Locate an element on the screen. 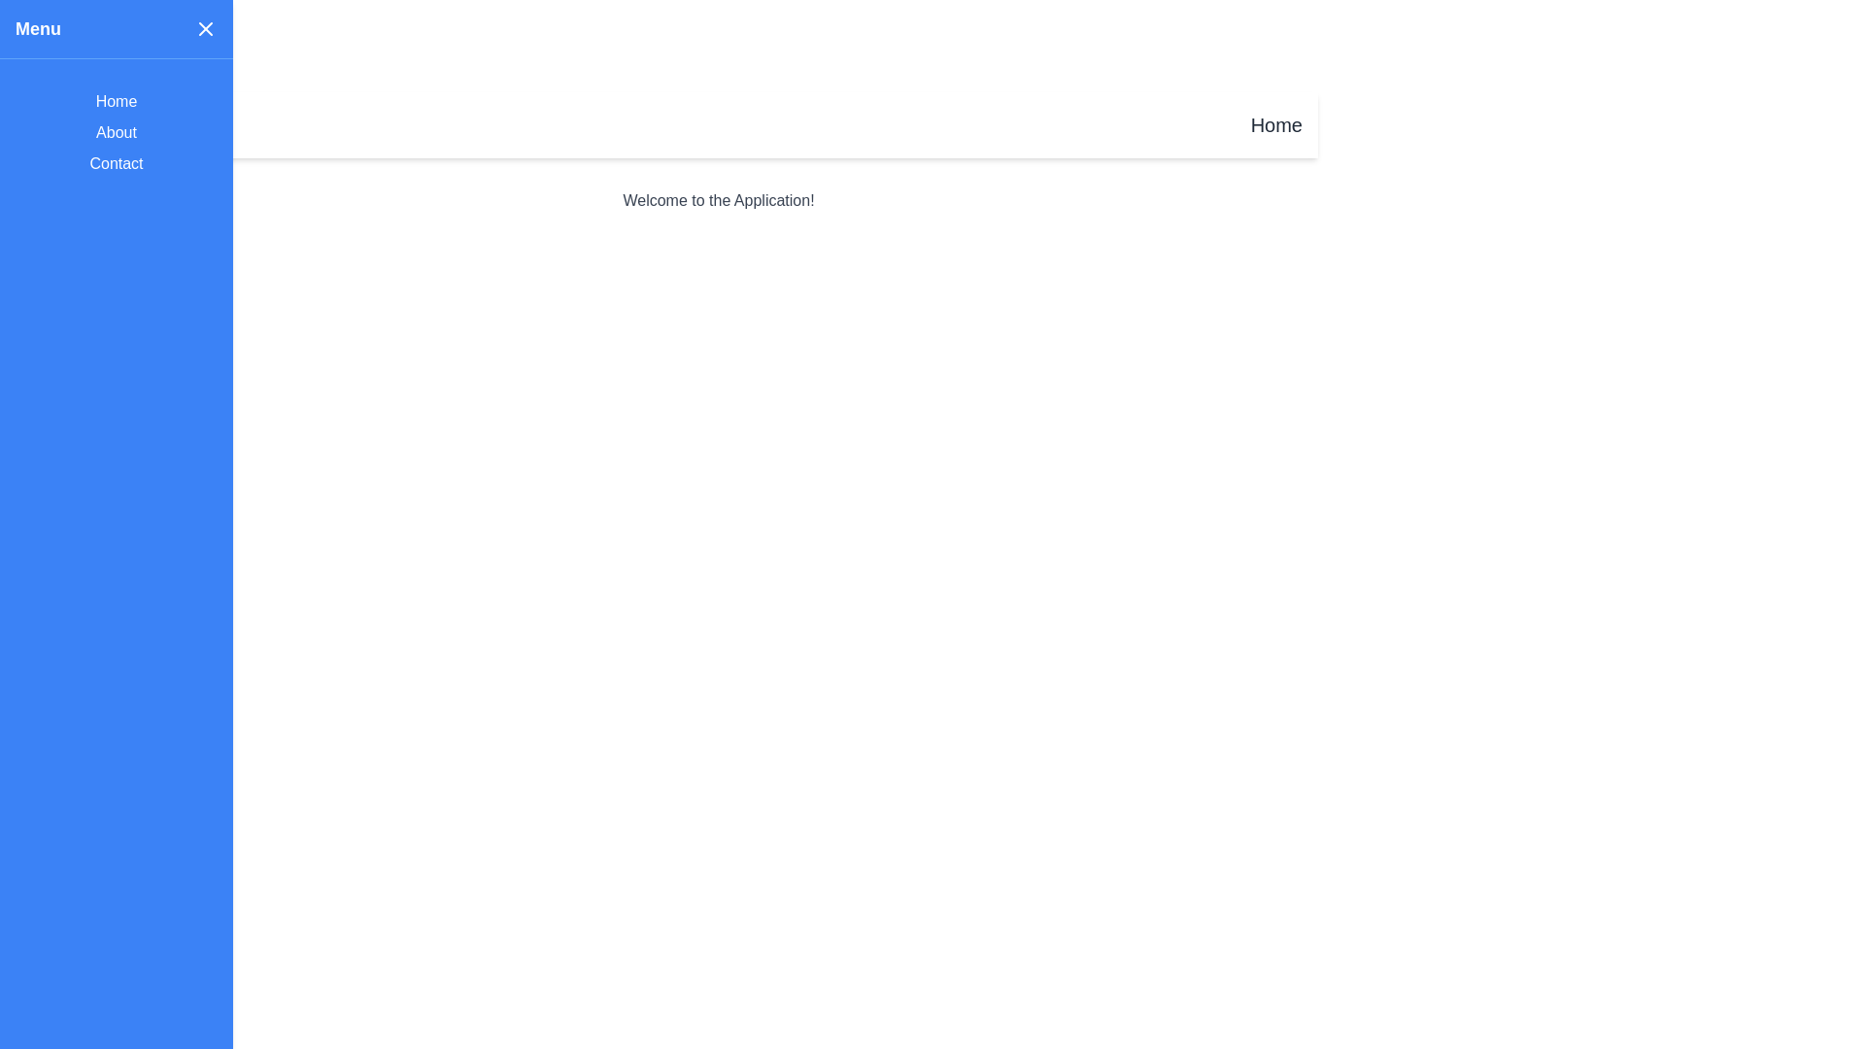 The image size is (1865, 1049). the 'Home' text link in the side menu is located at coordinates (116, 101).